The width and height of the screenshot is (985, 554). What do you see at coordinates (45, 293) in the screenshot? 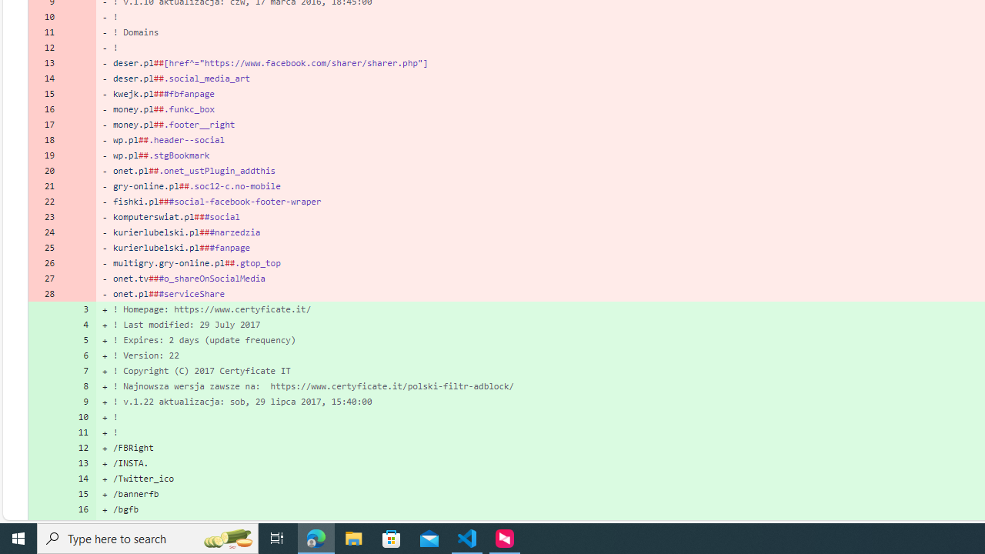
I see `'28'` at bounding box center [45, 293].